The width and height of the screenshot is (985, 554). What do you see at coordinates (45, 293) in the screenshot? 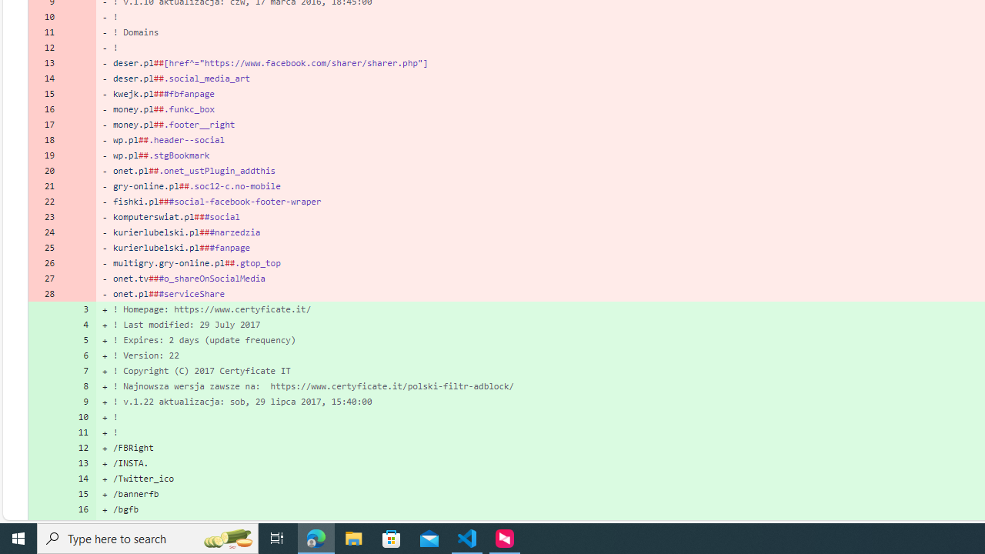
I see `'28'` at bounding box center [45, 293].